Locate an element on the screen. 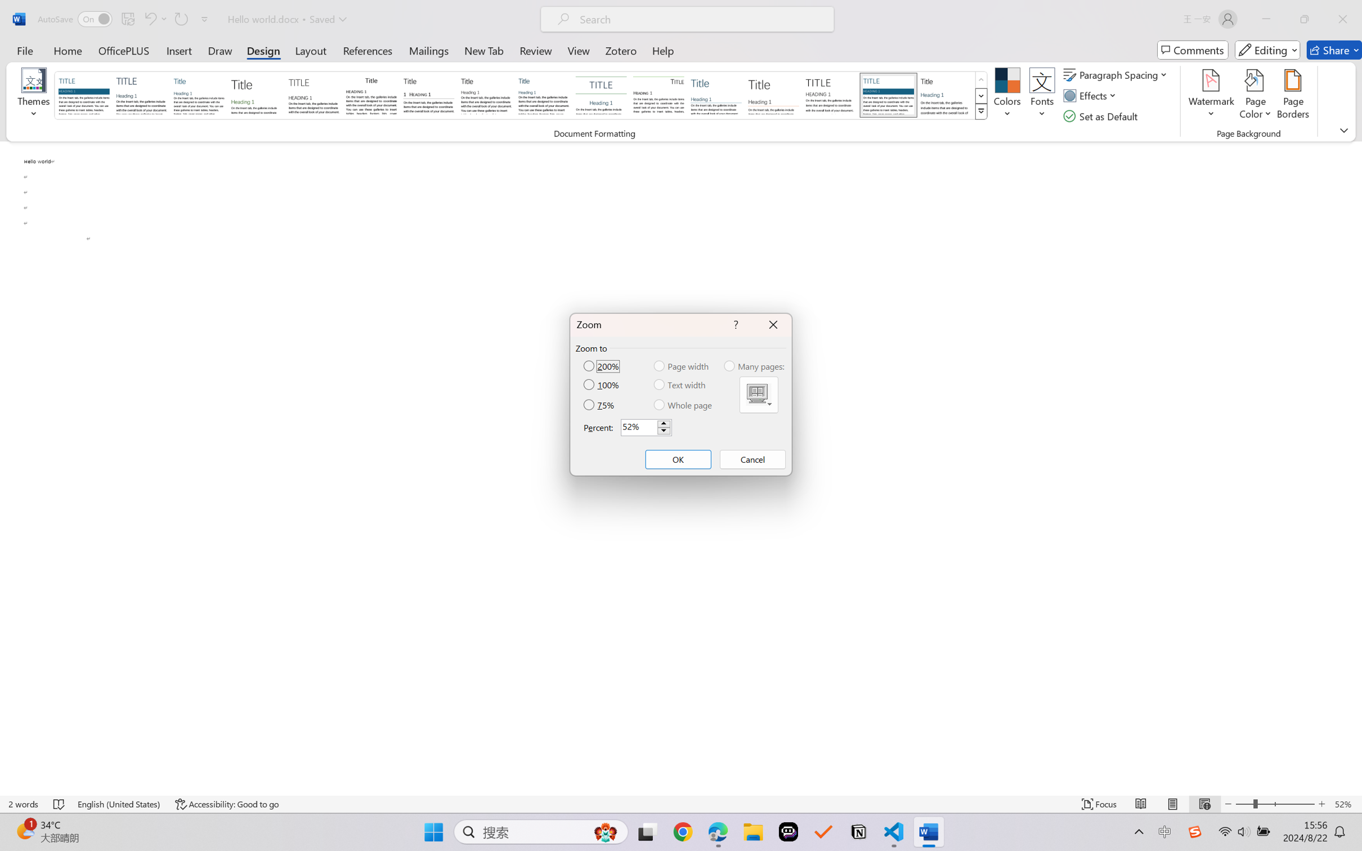 Image resolution: width=1362 pixels, height=851 pixels. 'Basic (Simple)' is located at coordinates (199, 95).